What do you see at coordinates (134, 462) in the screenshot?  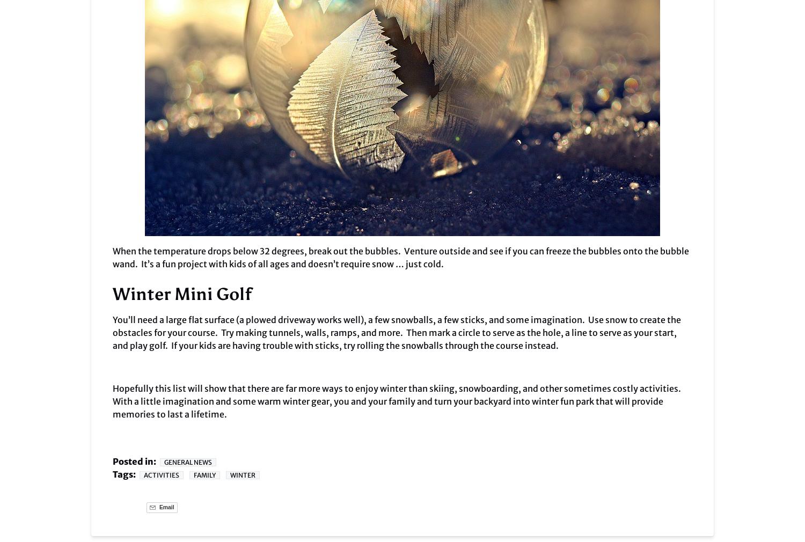 I see `'Posted in:'` at bounding box center [134, 462].